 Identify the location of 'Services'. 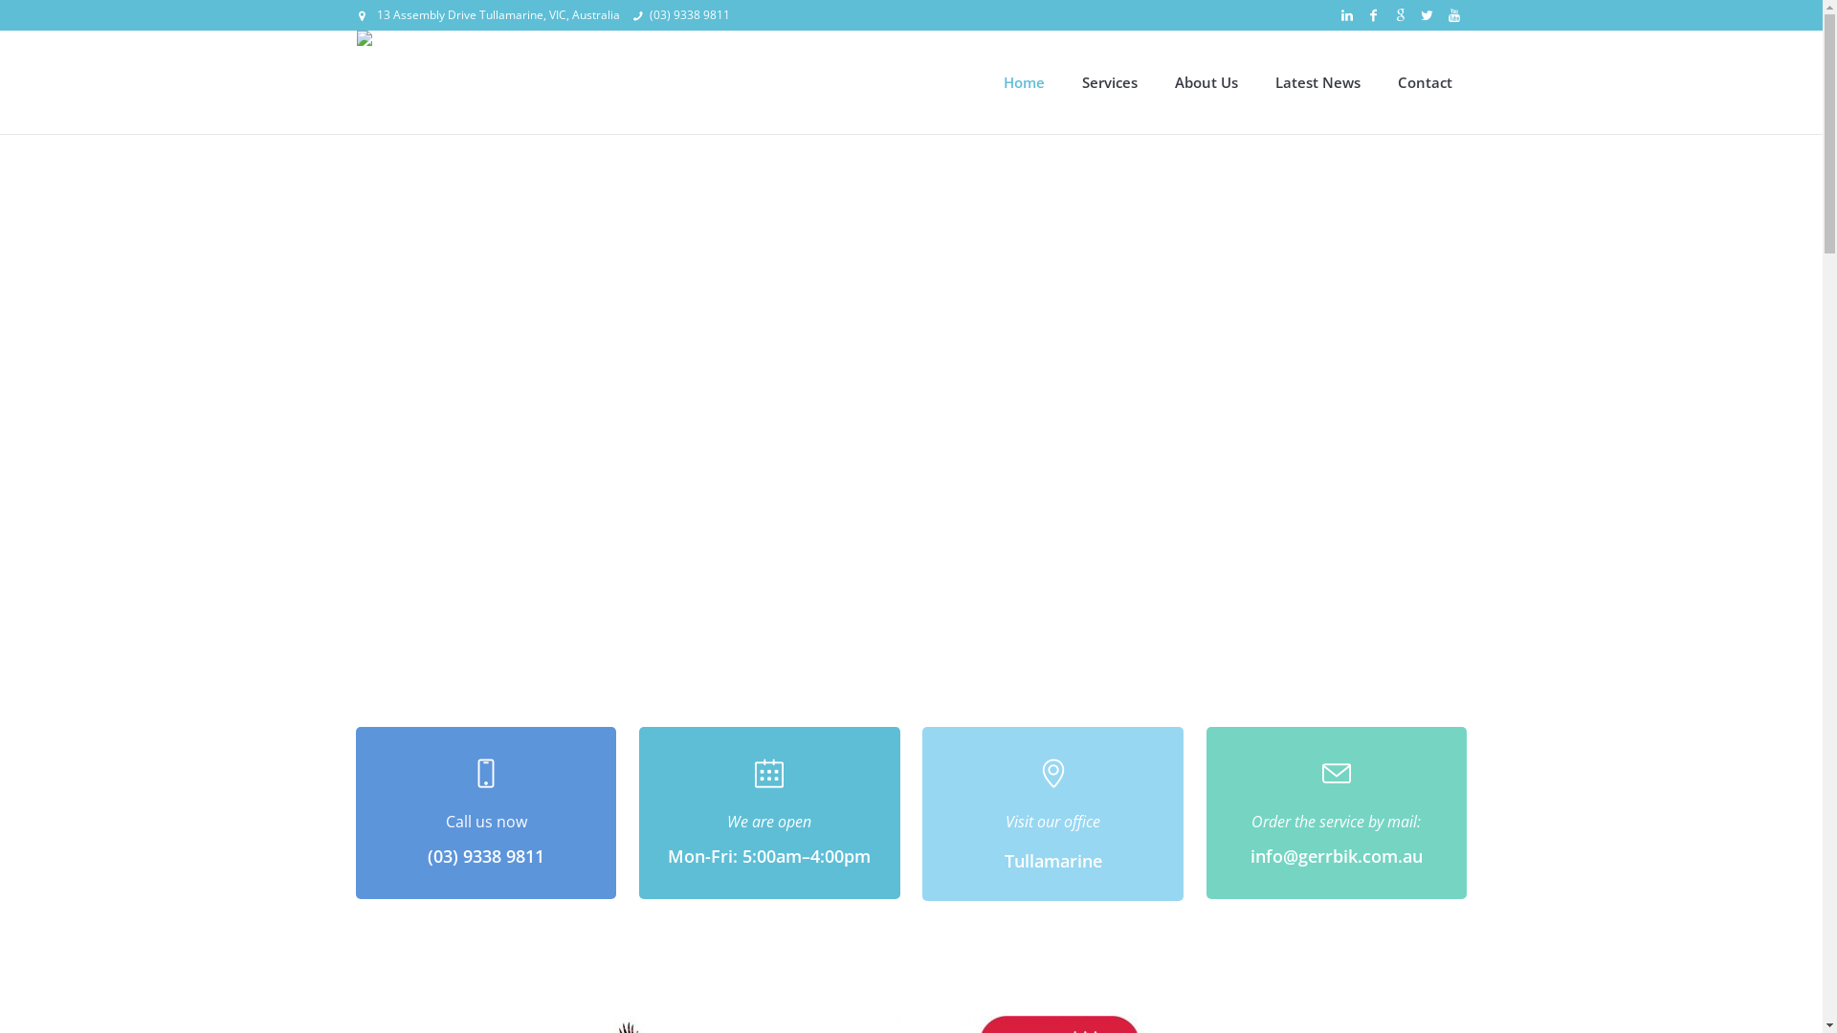
(1067, 80).